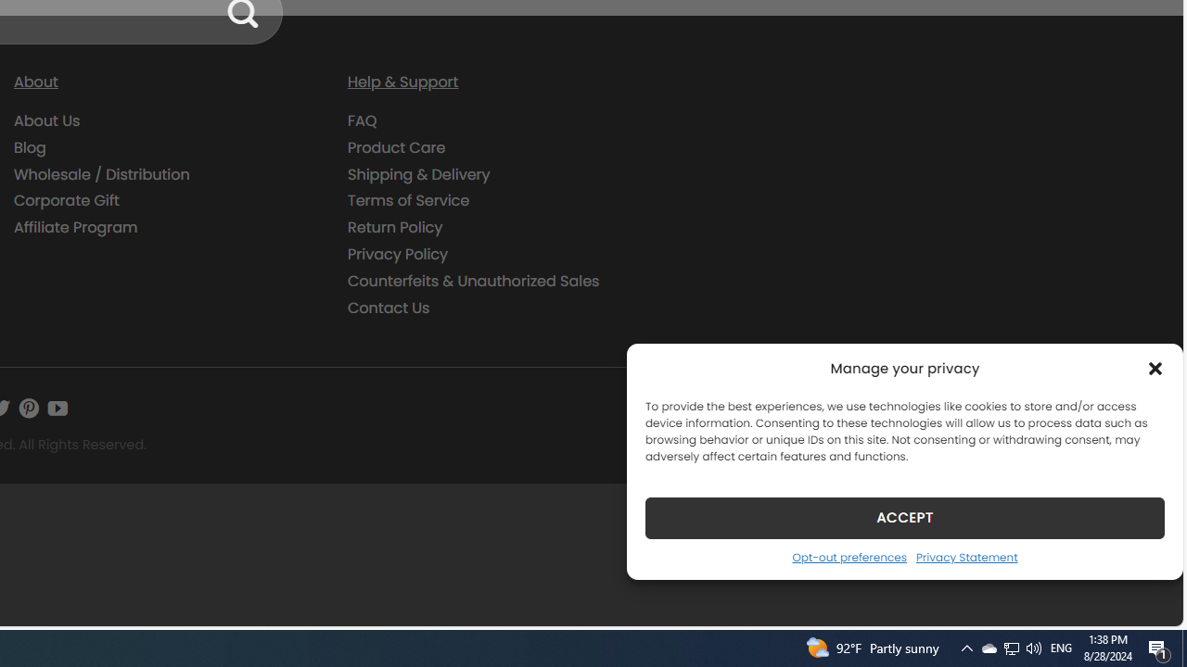 This screenshot has width=1187, height=667. I want to click on 'Contact Us', so click(388, 306).